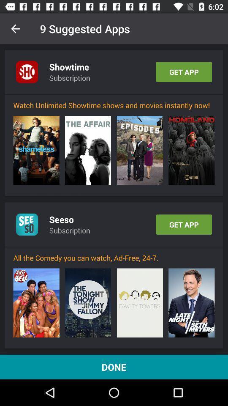 This screenshot has height=406, width=228. Describe the element at coordinates (140, 303) in the screenshot. I see `the item above done icon` at that location.